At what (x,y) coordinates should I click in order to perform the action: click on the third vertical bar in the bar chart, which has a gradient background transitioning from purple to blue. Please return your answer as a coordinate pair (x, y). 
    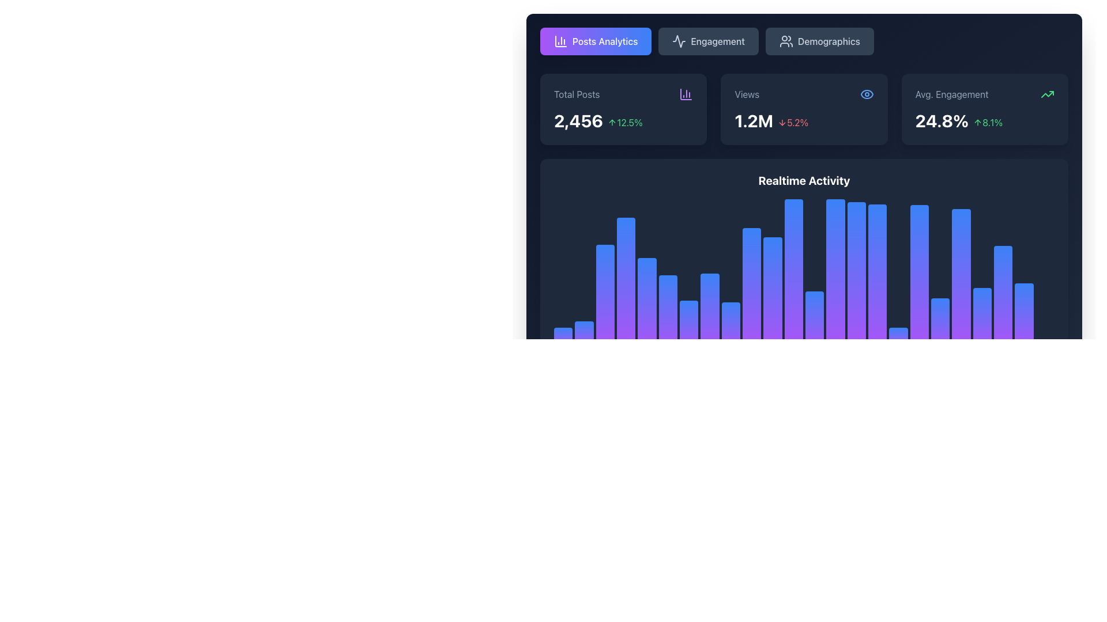
    Looking at the image, I should click on (604, 279).